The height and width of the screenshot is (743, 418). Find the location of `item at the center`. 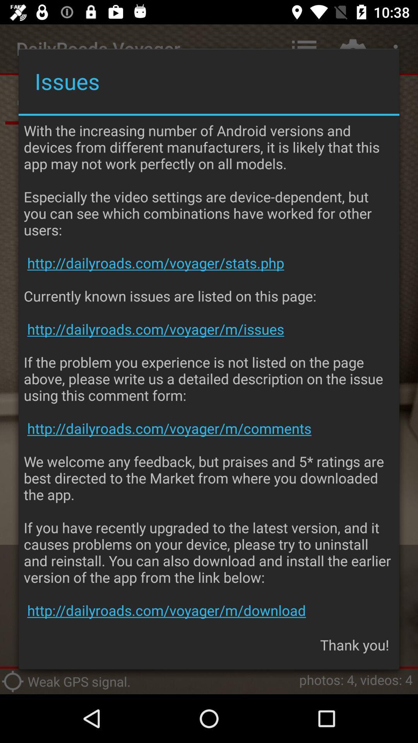

item at the center is located at coordinates (209, 370).